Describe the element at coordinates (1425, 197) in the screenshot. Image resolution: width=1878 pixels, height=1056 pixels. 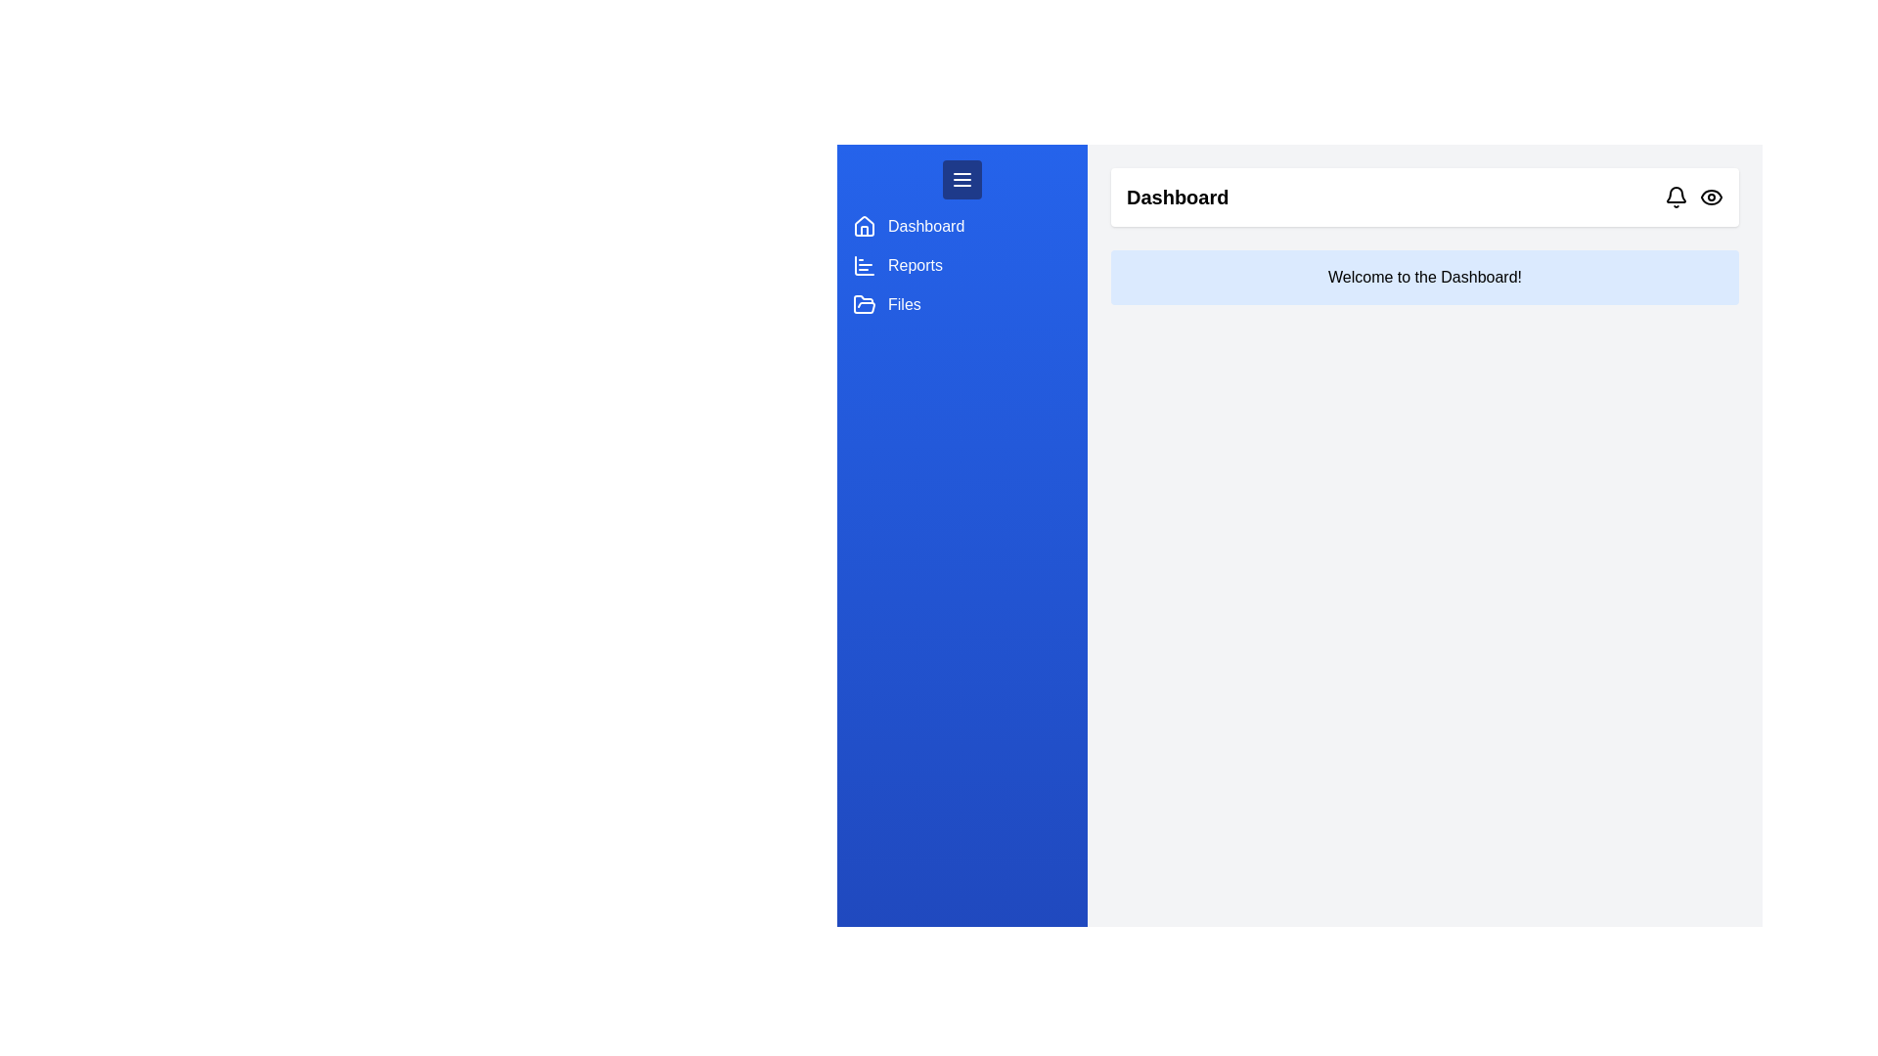
I see `the context of the header section titled 'Dashboard' located at the top of the main content area` at that location.